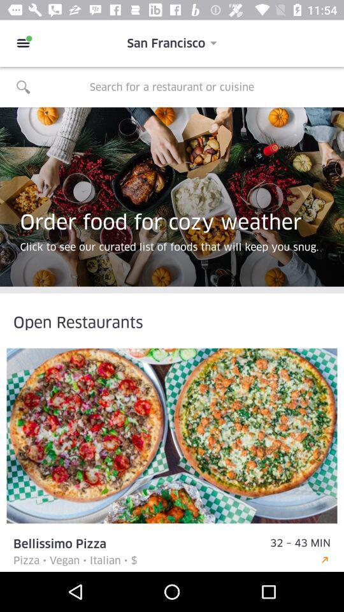 The width and height of the screenshot is (344, 612). Describe the element at coordinates (23, 43) in the screenshot. I see `item next to the san francisco` at that location.